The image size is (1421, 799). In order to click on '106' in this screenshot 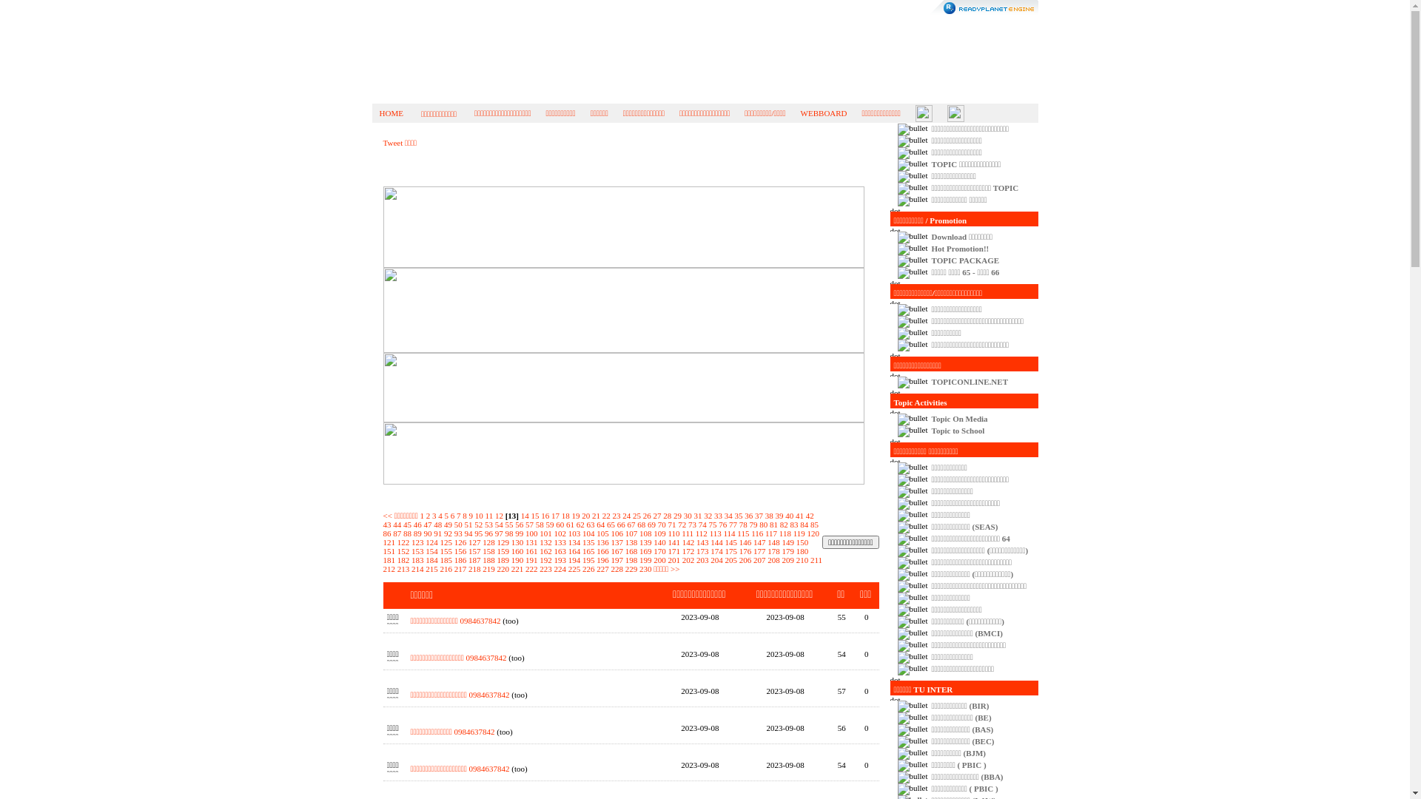, I will do `click(617, 533)`.